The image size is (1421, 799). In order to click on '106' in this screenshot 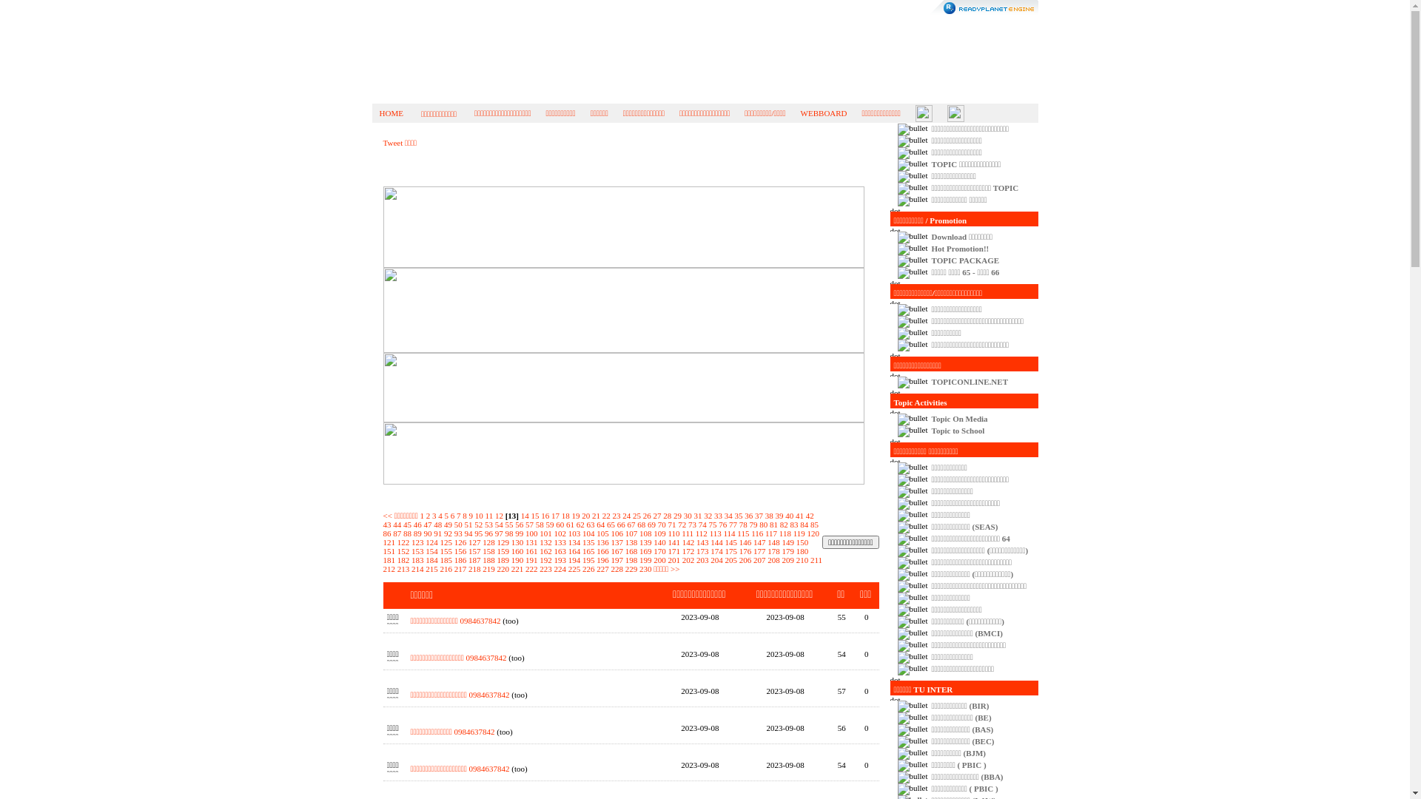, I will do `click(617, 533)`.